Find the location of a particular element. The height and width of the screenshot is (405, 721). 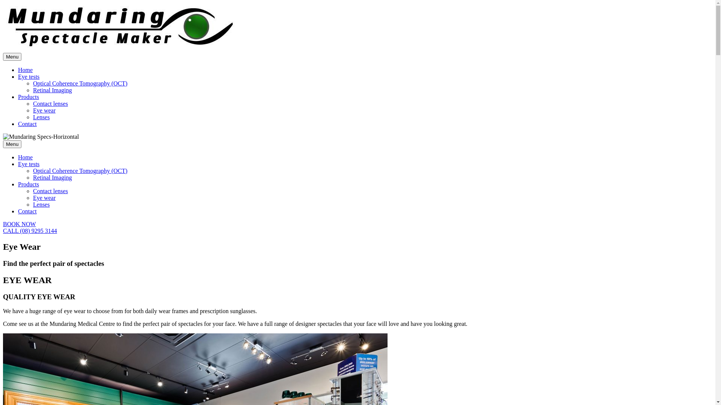

'Menu' is located at coordinates (12, 56).